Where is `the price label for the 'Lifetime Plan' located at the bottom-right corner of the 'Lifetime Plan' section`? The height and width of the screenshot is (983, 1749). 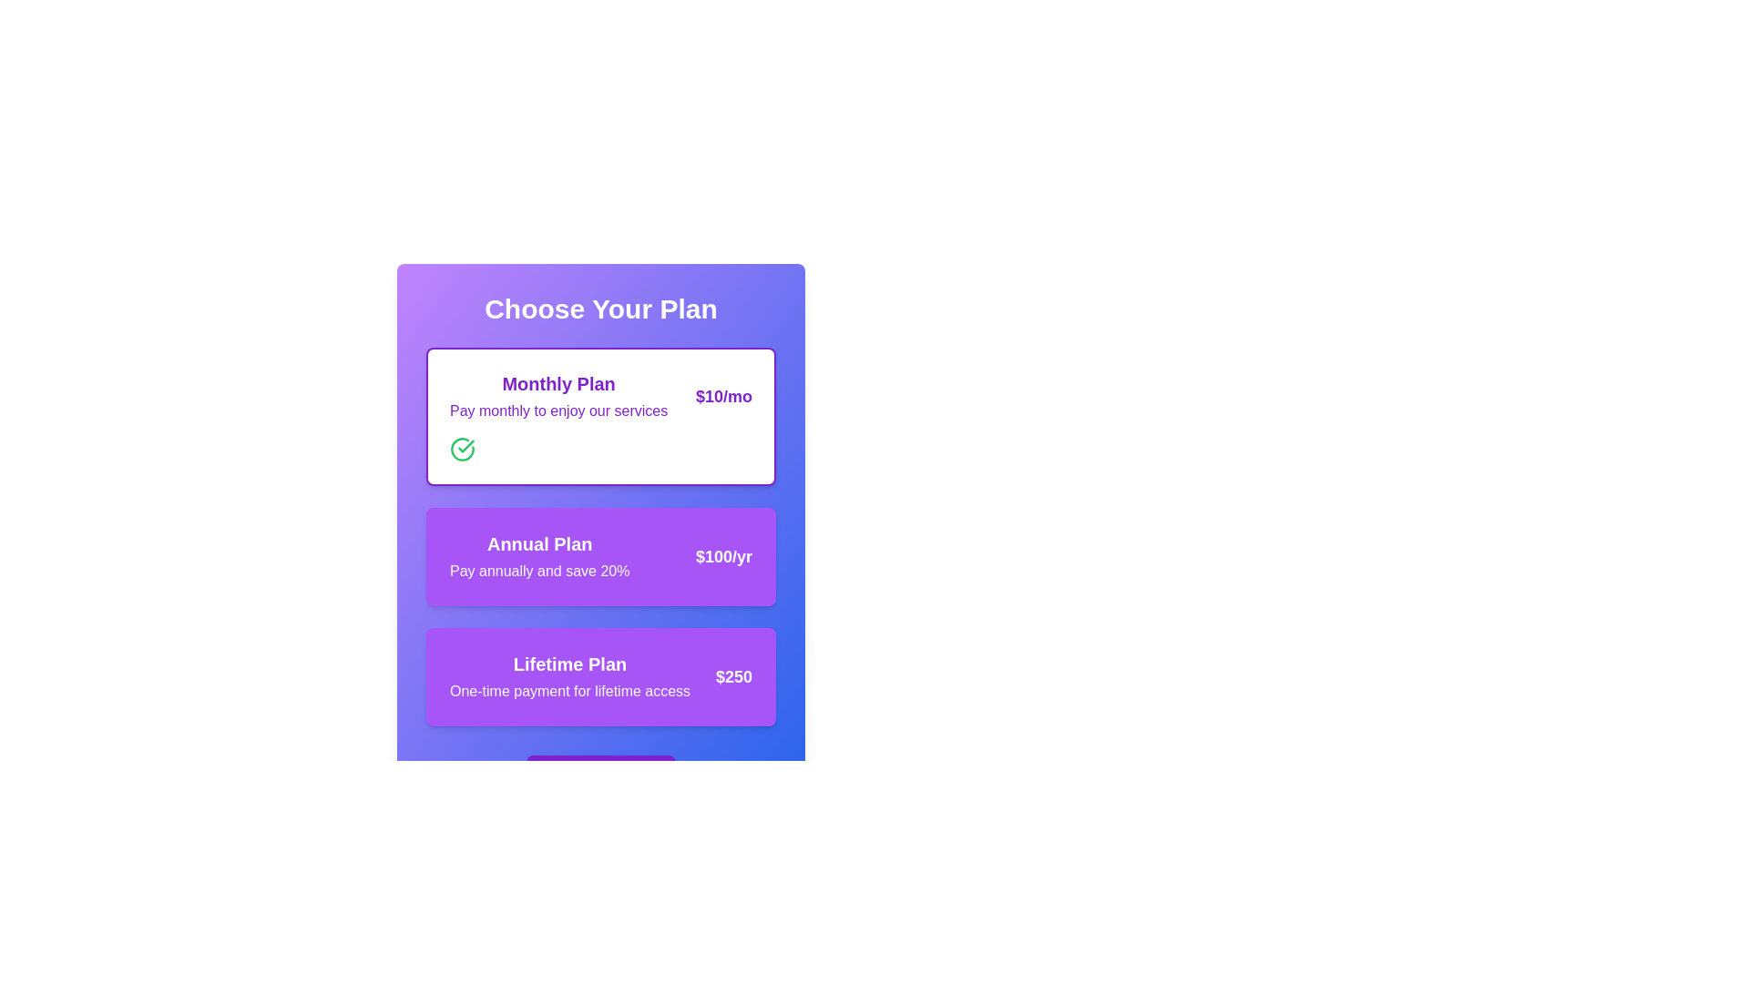
the price label for the 'Lifetime Plan' located at the bottom-right corner of the 'Lifetime Plan' section is located at coordinates (734, 677).